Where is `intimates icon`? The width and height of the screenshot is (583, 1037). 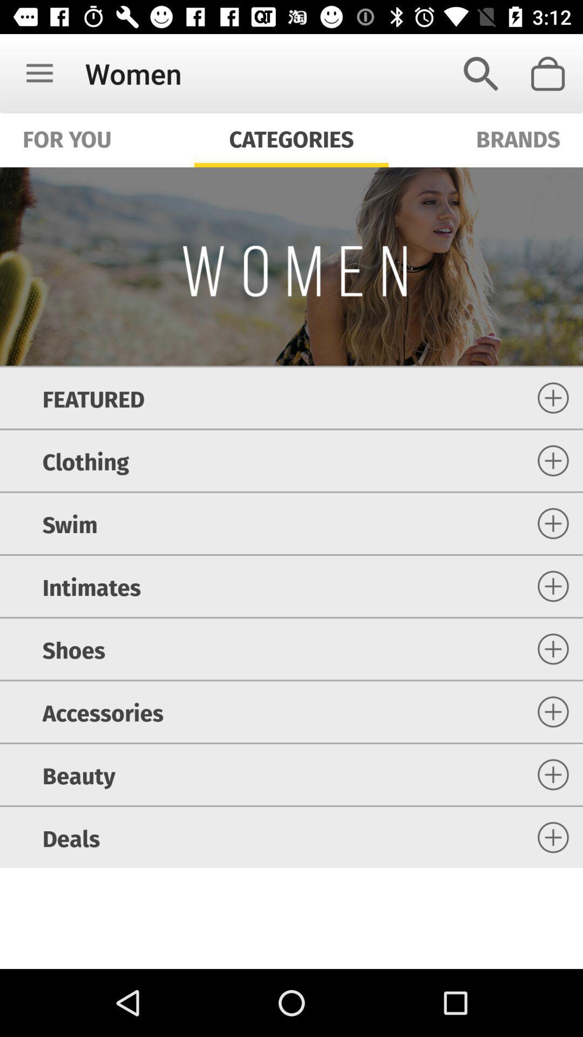
intimates icon is located at coordinates (91, 585).